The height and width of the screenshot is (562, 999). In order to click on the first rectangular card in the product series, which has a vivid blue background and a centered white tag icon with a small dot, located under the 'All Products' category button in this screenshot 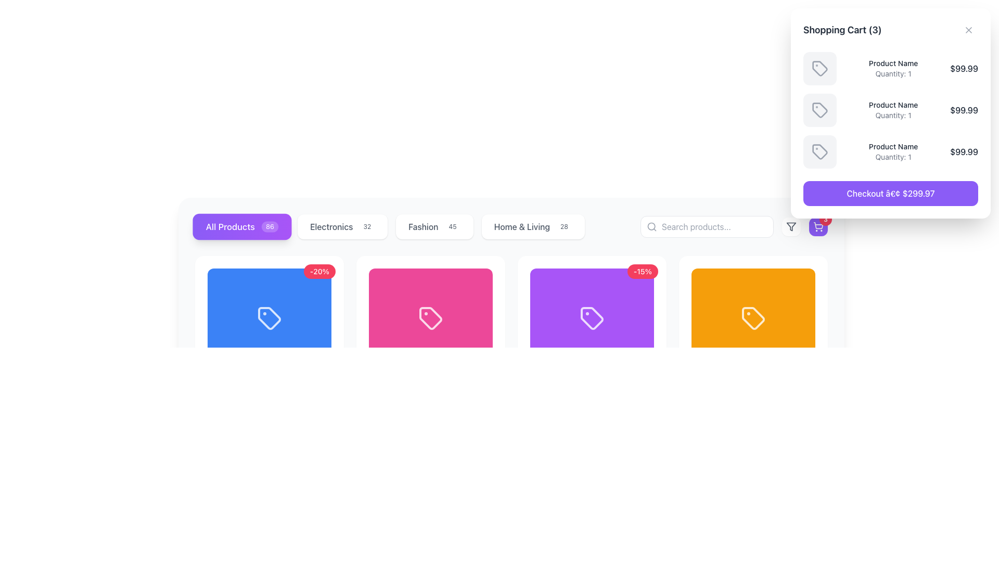, I will do `click(270, 318)`.